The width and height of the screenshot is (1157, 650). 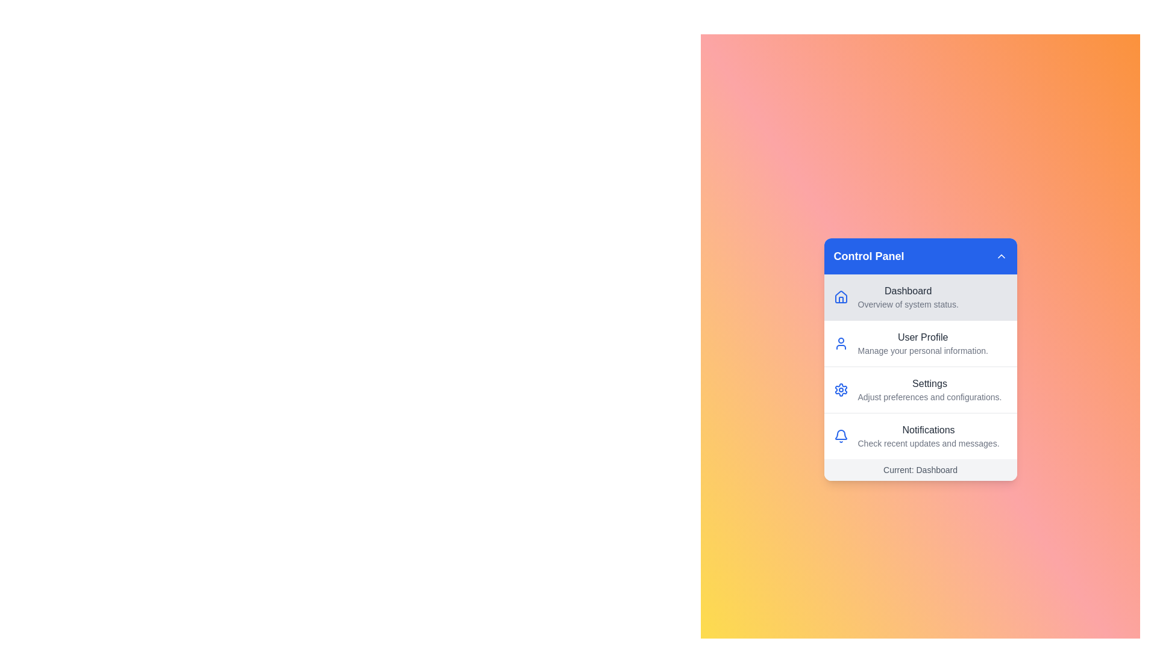 What do you see at coordinates (1001, 255) in the screenshot?
I see `the header button to toggle the menu visibility` at bounding box center [1001, 255].